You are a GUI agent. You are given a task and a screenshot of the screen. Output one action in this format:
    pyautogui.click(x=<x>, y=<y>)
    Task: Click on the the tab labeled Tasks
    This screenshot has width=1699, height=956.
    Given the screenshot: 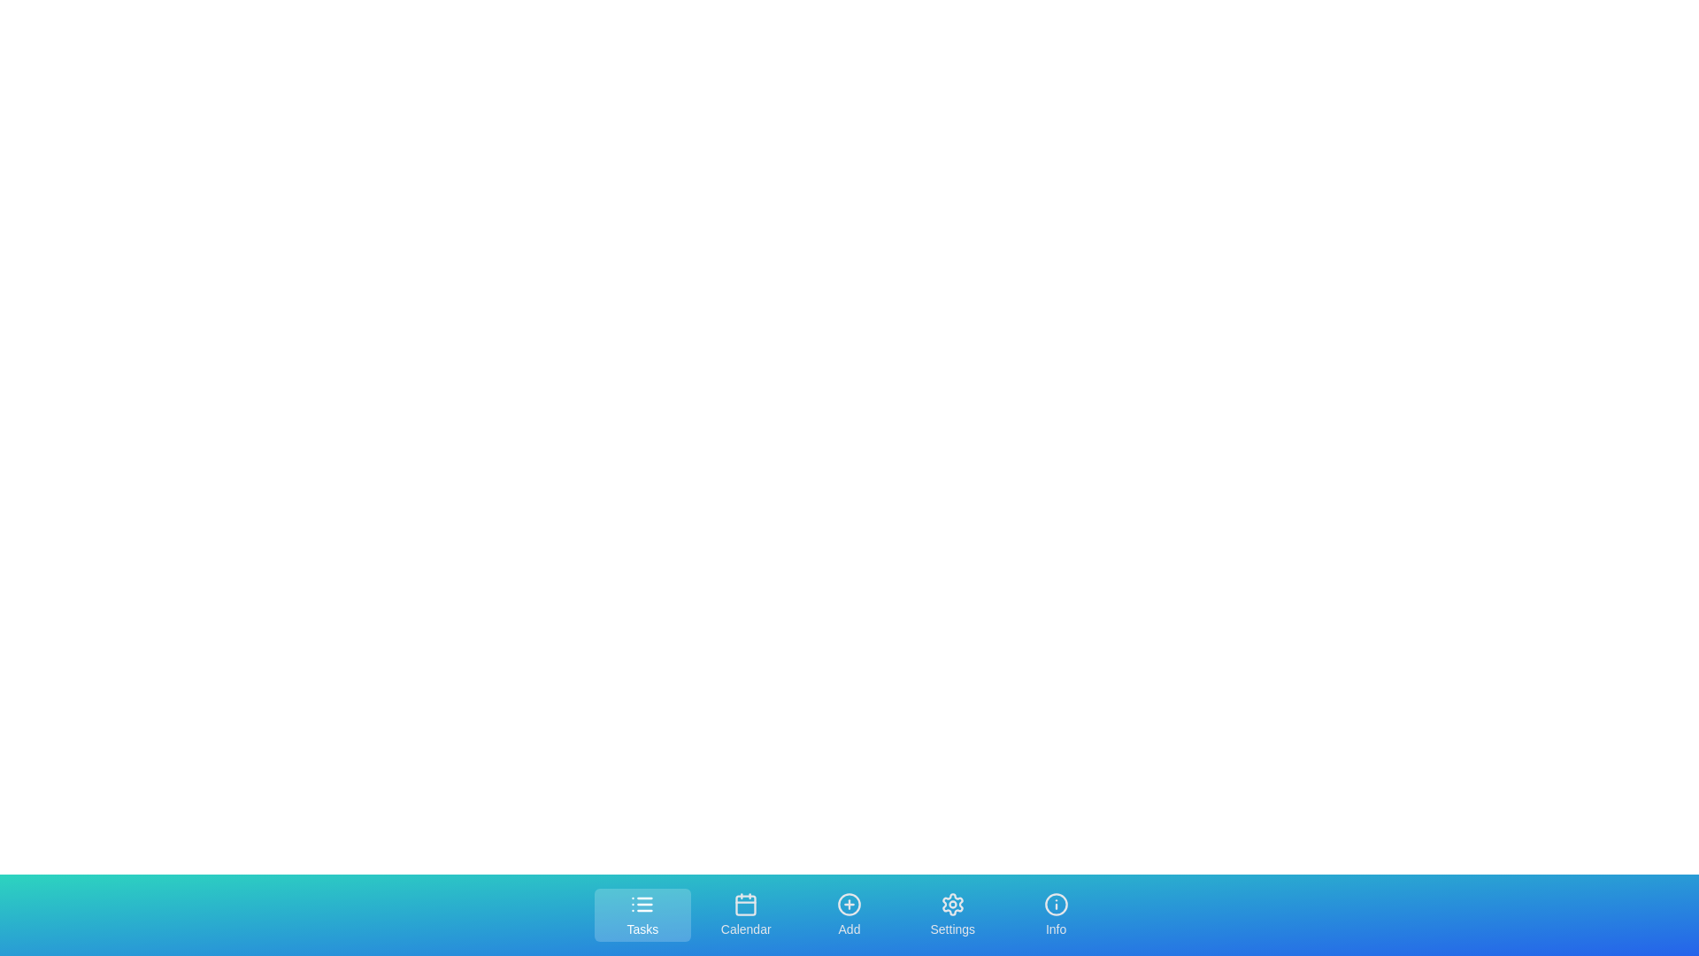 What is the action you would take?
    pyautogui.click(x=641, y=914)
    